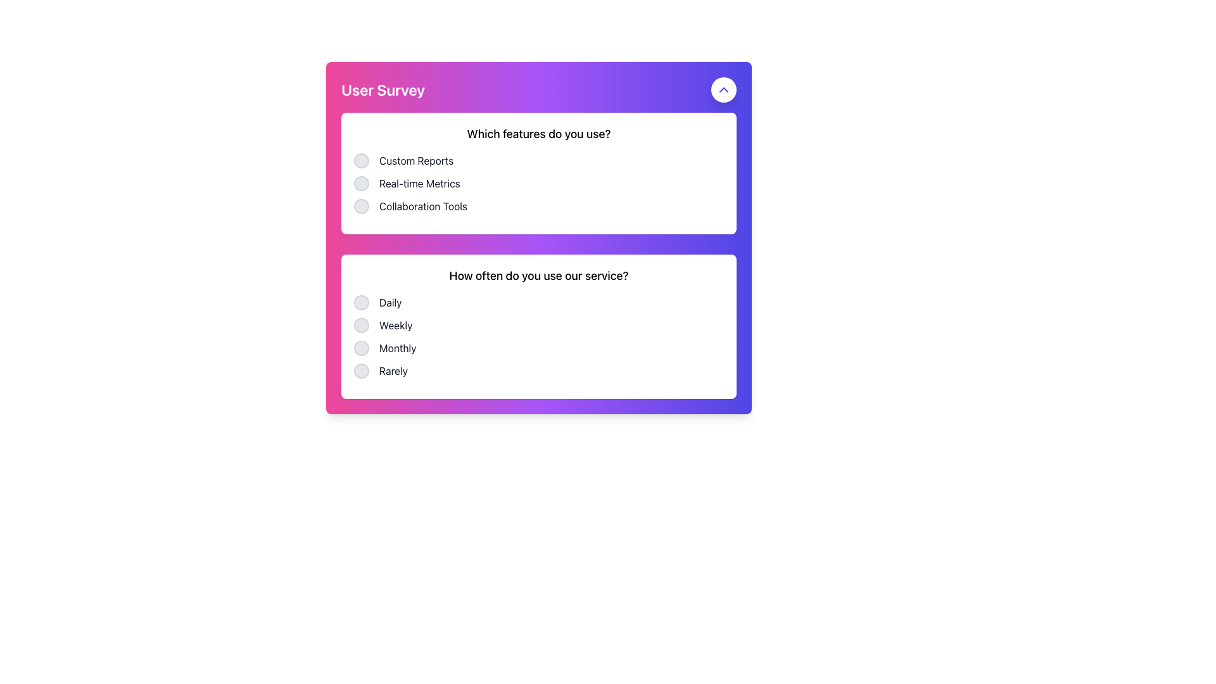 This screenshot has width=1216, height=684. I want to click on the upward-pointing chevron icon button in the top-right corner of the survey form card, so click(723, 89).